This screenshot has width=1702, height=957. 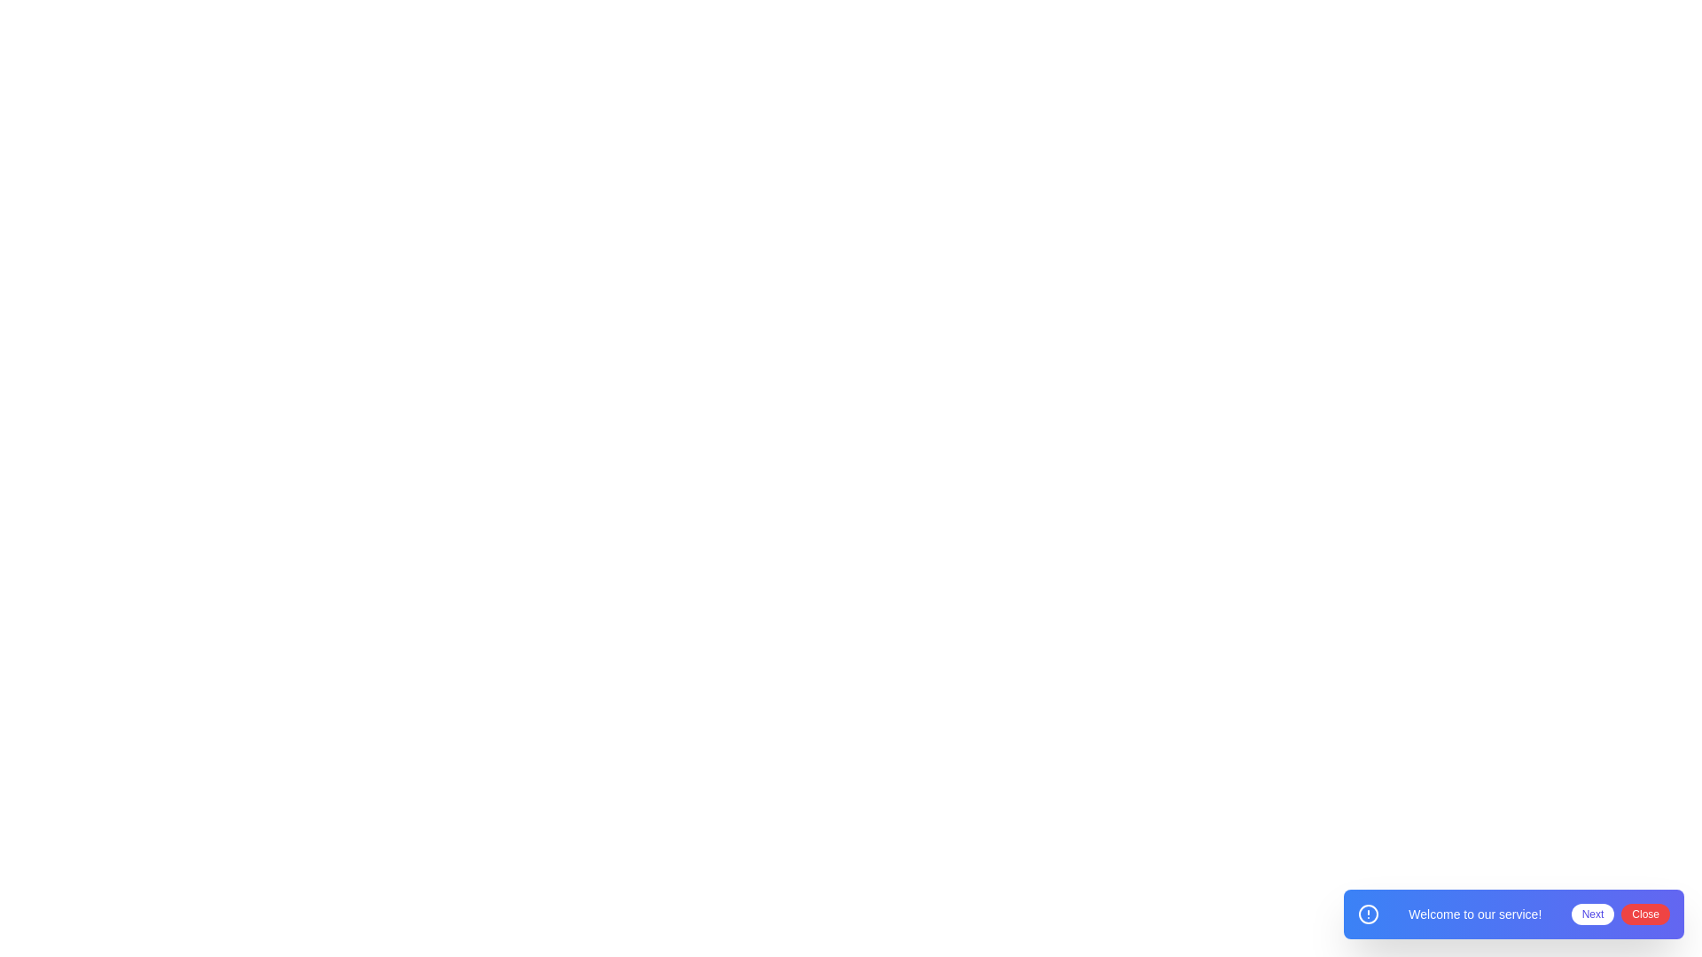 I want to click on the alert icon in the snackbar, so click(x=1368, y=914).